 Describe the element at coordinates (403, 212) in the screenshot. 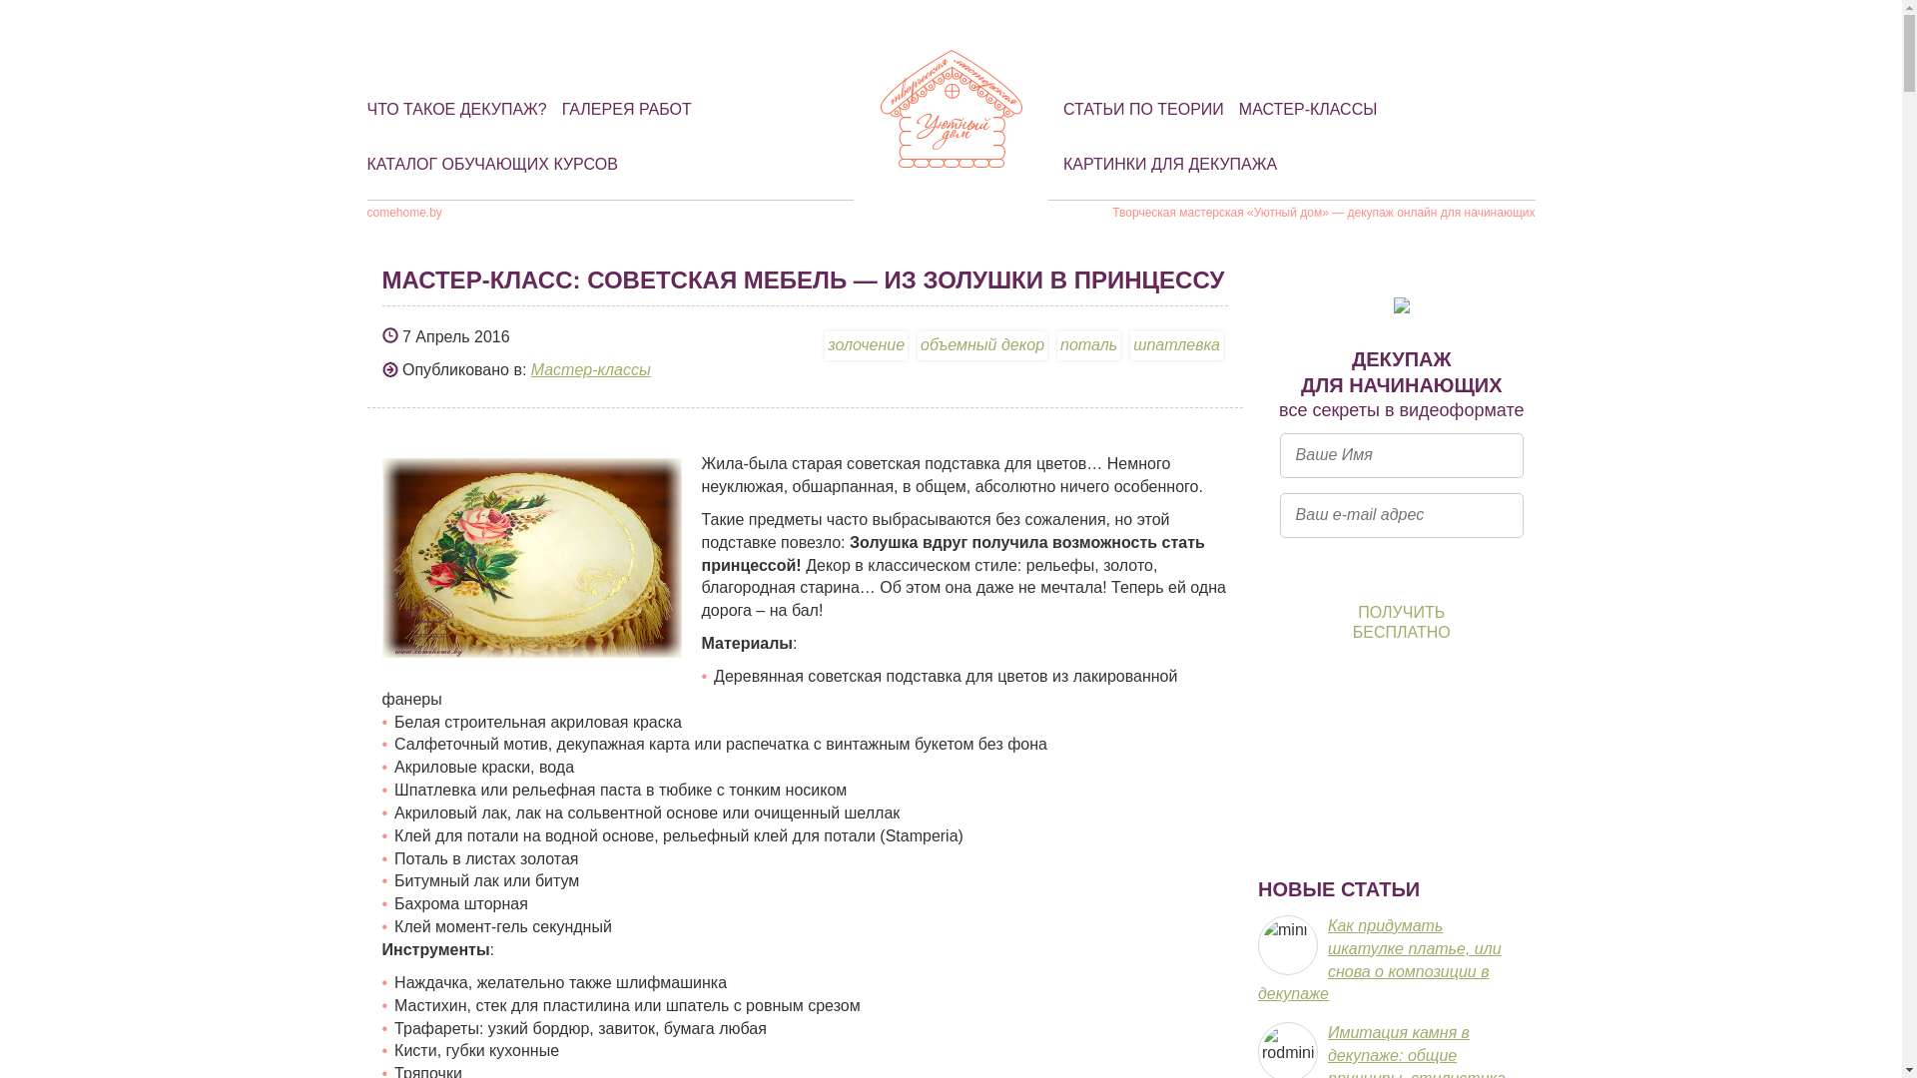

I see `'comehome.by'` at that location.